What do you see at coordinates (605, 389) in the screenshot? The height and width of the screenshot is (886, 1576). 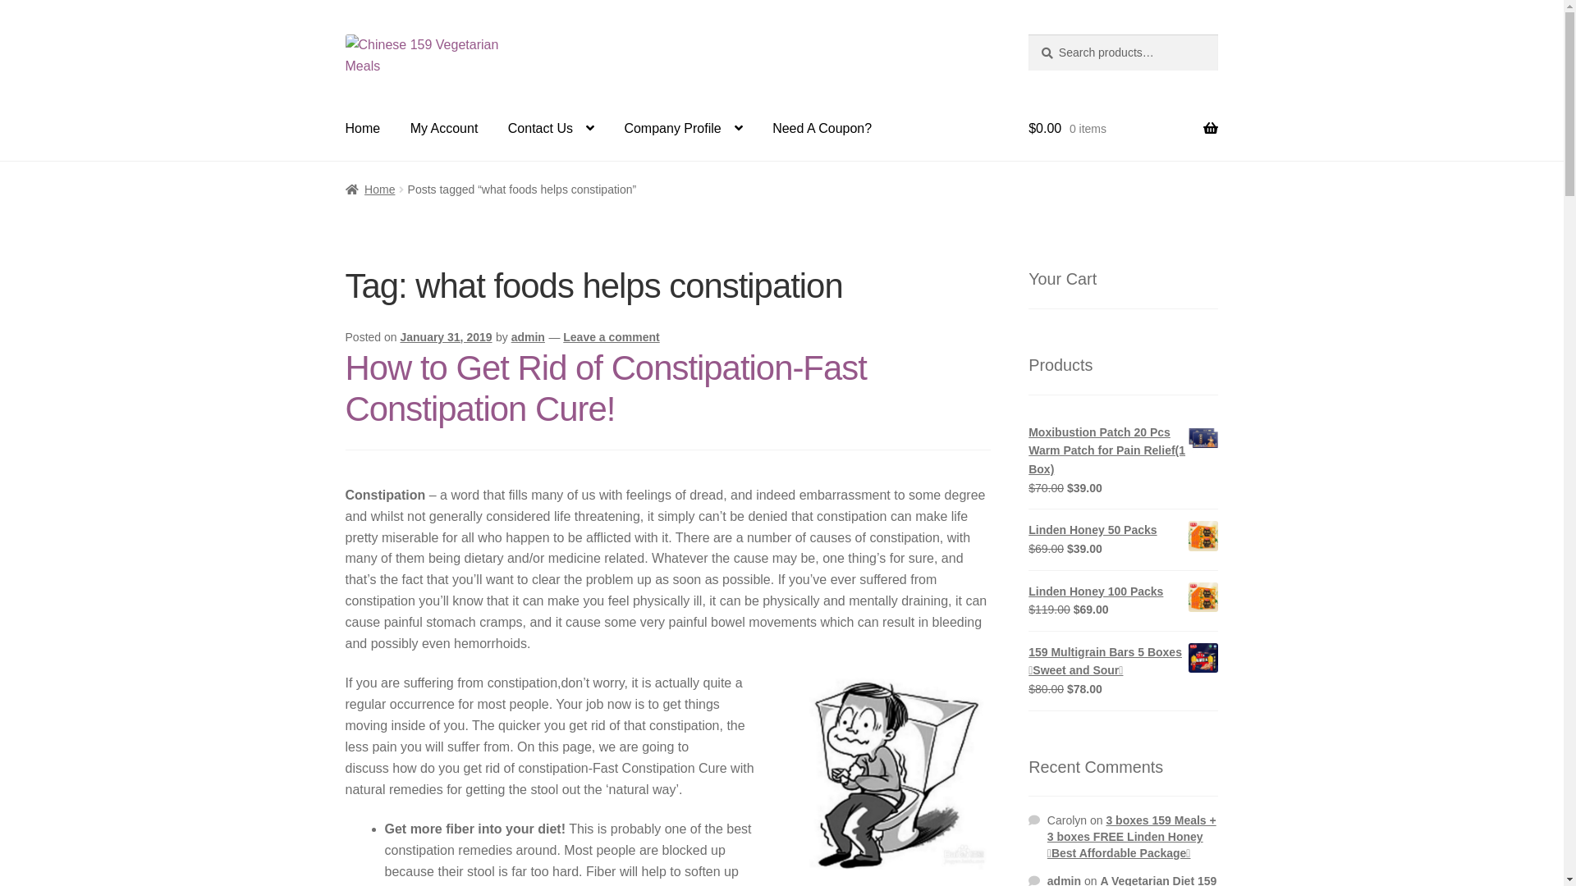 I see `'How to Get Rid of Constipation-Fast Constipation Cure!'` at bounding box center [605, 389].